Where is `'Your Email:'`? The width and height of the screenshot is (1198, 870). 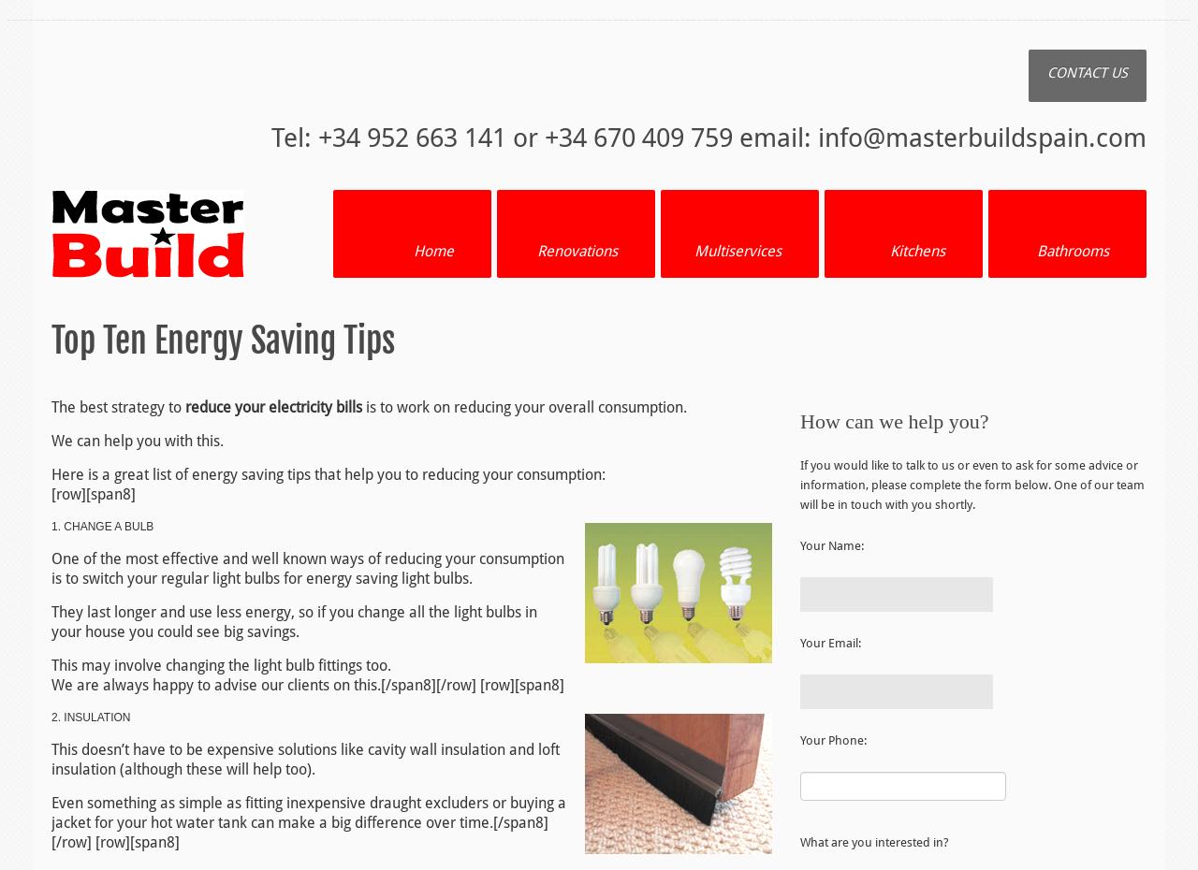 'Your Email:' is located at coordinates (829, 642).